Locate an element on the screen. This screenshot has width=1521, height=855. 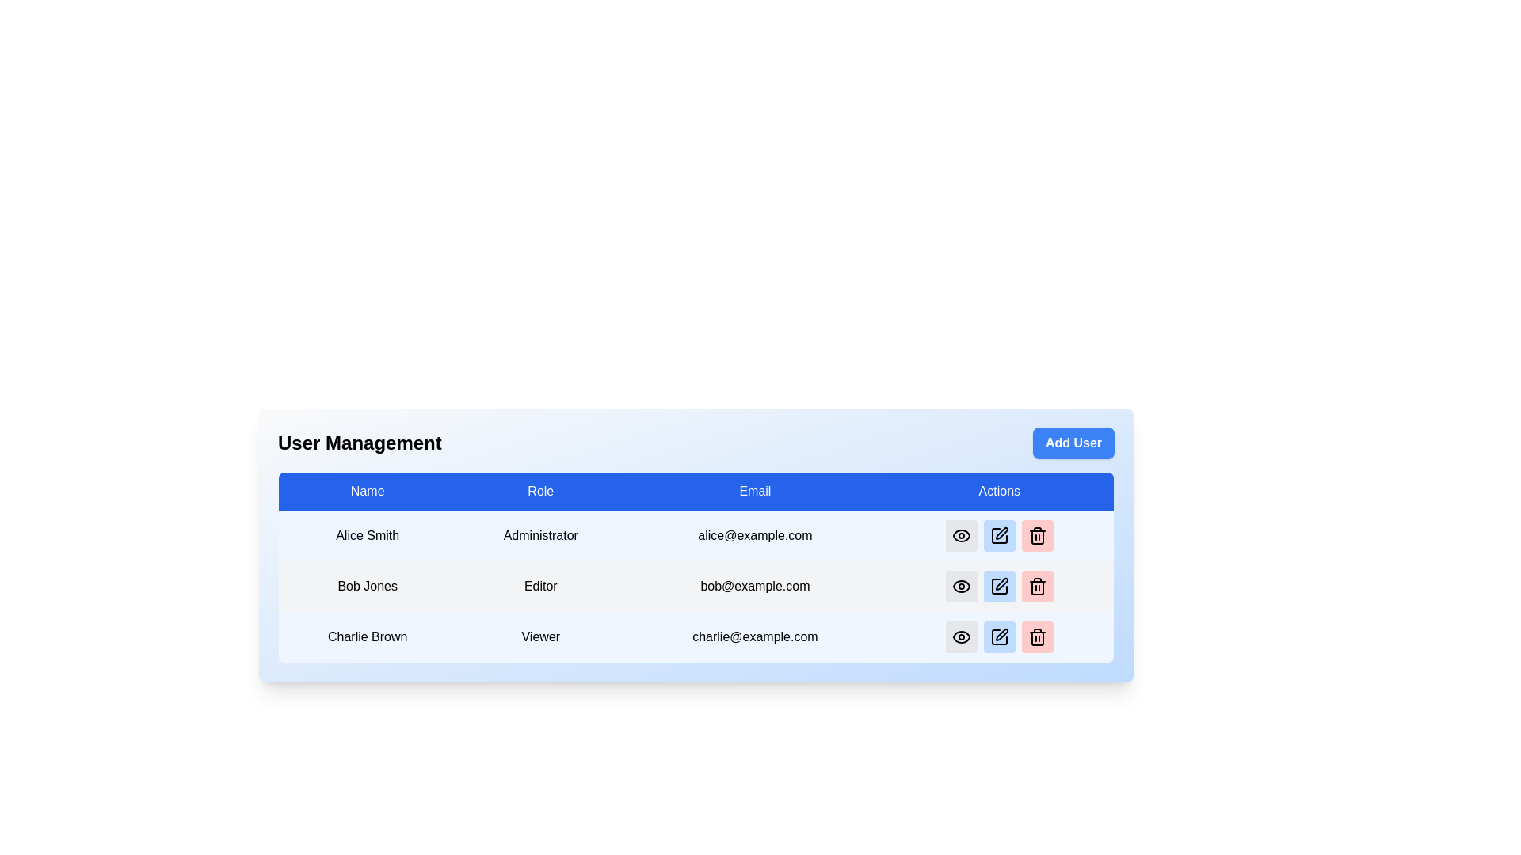
the delete button located in the 'Actions' column of the third row of the table is located at coordinates (1037, 636).